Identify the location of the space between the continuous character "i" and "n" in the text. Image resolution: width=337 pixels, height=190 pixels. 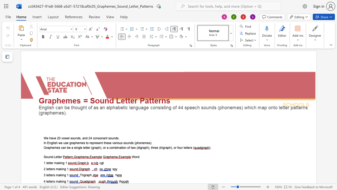
(63, 181).